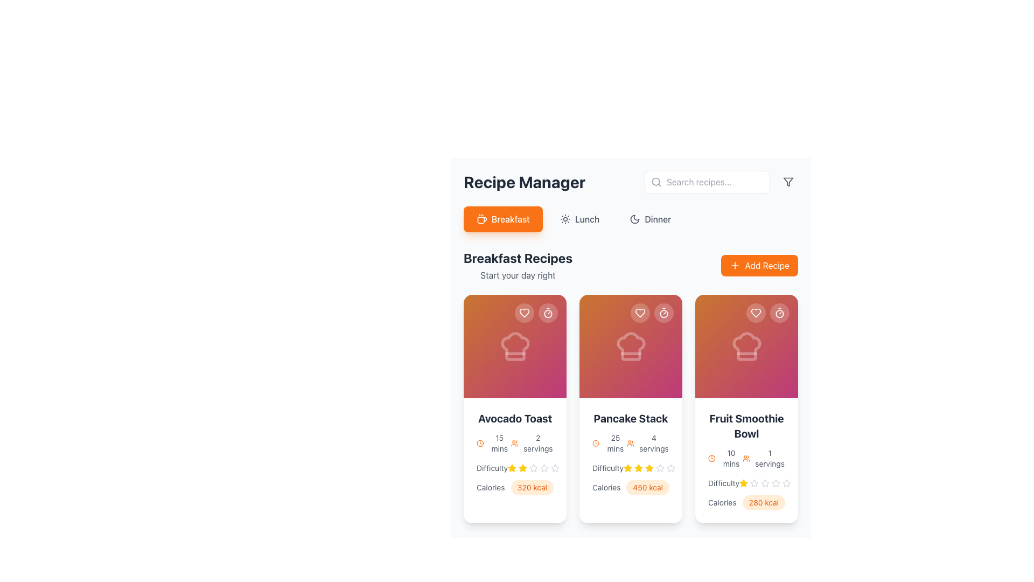 Image resolution: width=1034 pixels, height=582 pixels. Describe the element at coordinates (746, 347) in the screenshot. I see `the central chef hat icon in the decorative graphical section of the 'Fruit Smoothie Bowl' card, which is the third card under 'Breakfast Recipes'` at that location.